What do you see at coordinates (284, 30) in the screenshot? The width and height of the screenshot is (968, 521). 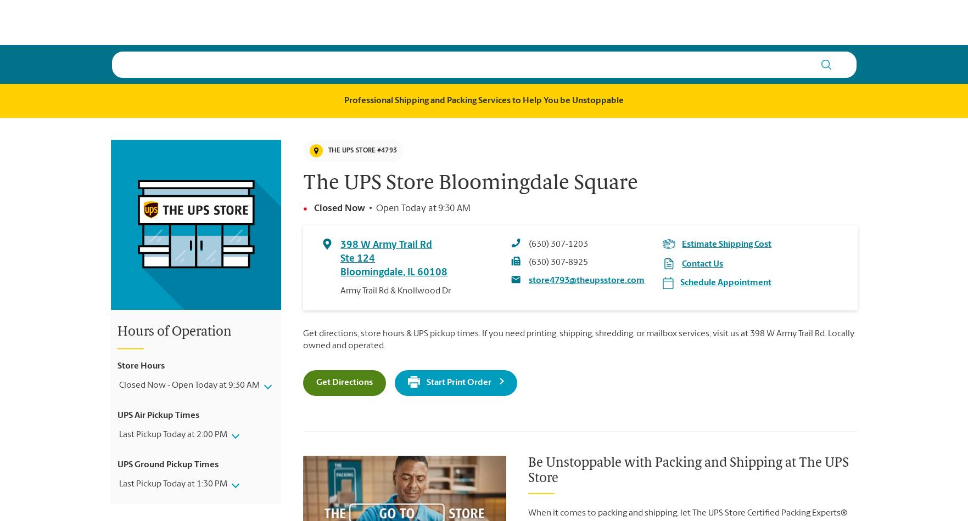 I see `'About The UPS Store'` at bounding box center [284, 30].